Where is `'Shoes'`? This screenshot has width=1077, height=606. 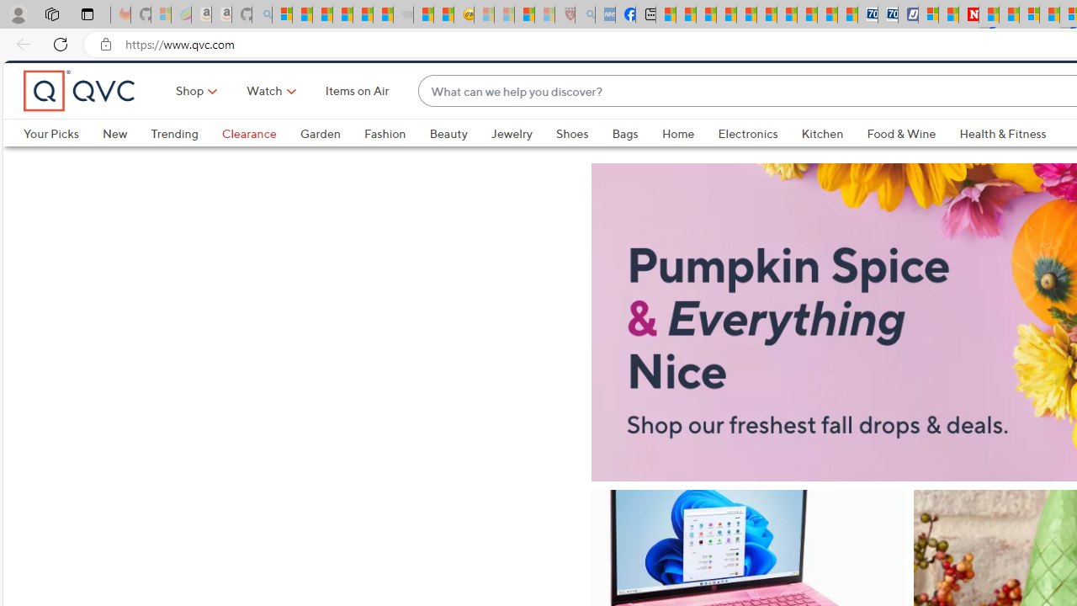
'Shoes' is located at coordinates (572, 162).